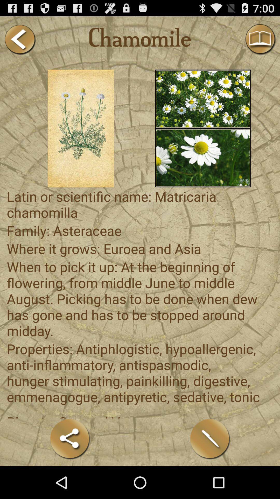 This screenshot has height=499, width=280. What do you see at coordinates (203, 99) in the screenshot?
I see `shows flower image` at bounding box center [203, 99].